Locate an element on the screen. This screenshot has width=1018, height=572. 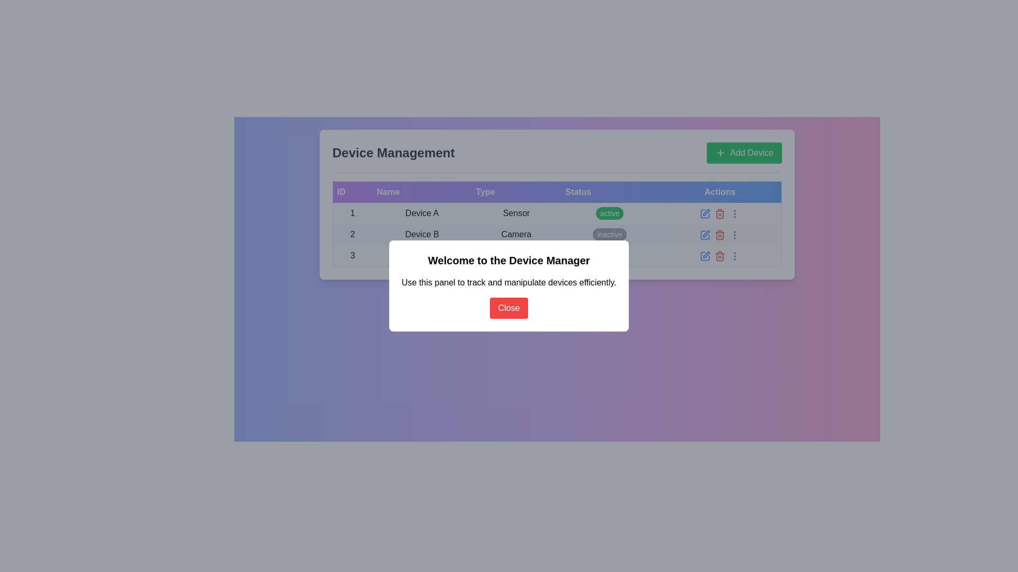
the red trash can icon button in the Actions column of the second row is located at coordinates (720, 234).